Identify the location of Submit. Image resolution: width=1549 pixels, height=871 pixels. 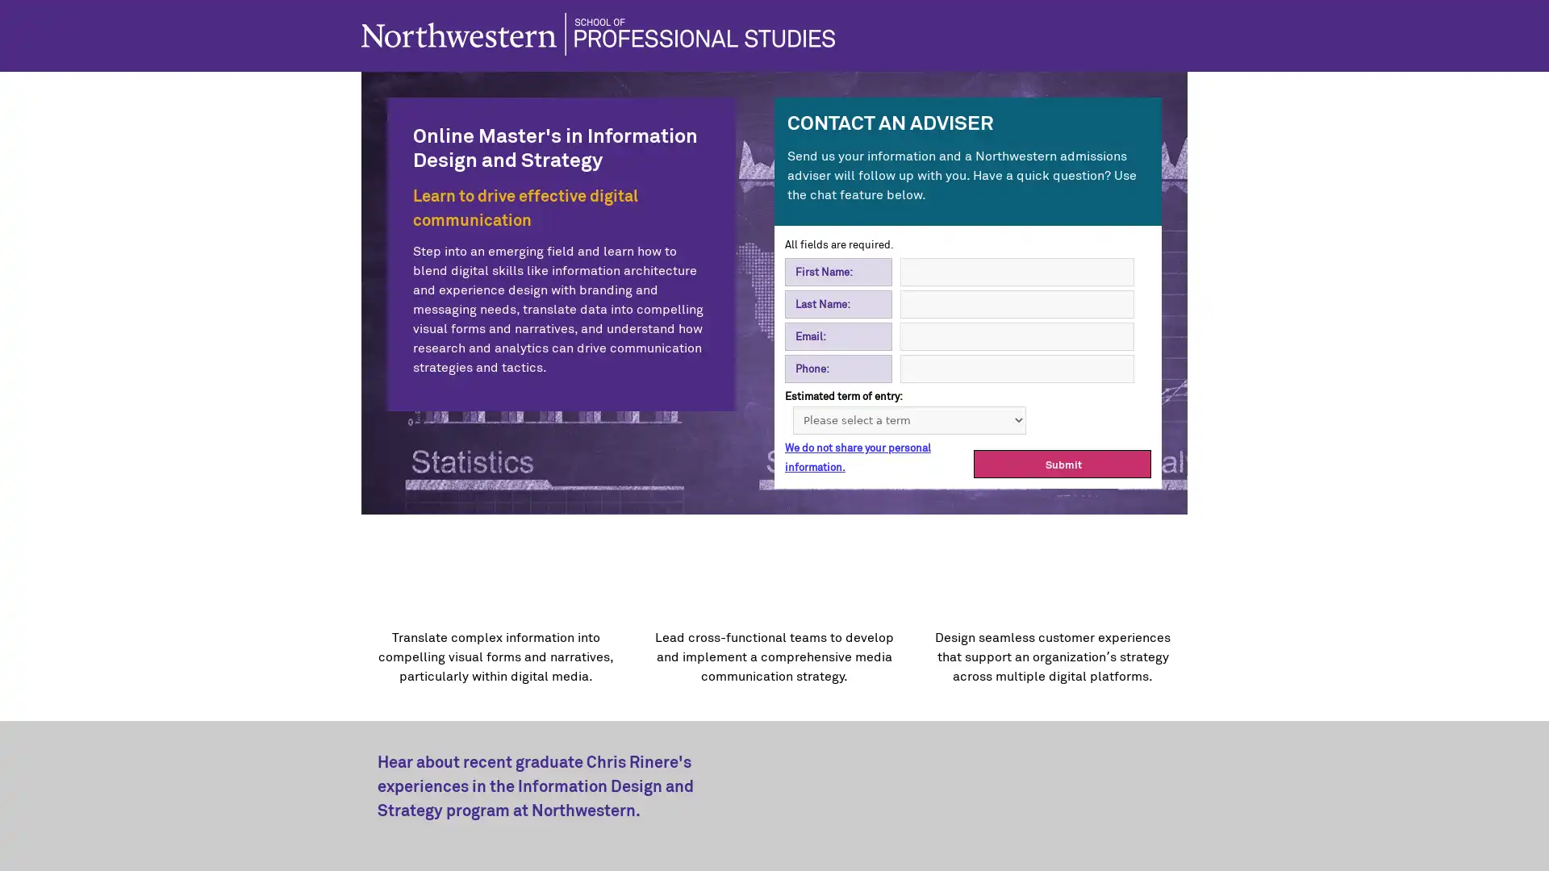
(1062, 464).